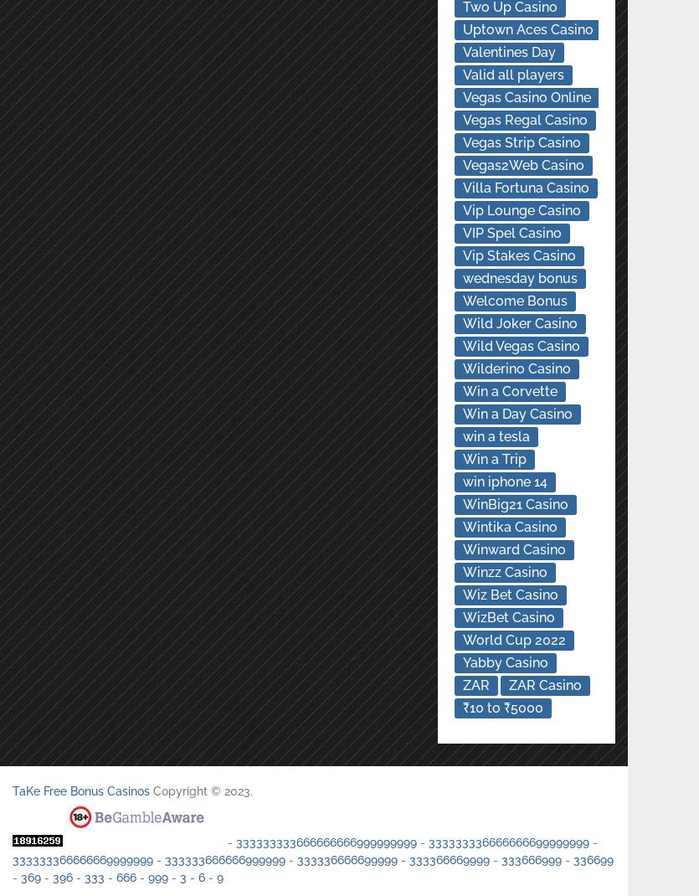 This screenshot has height=896, width=699. I want to click on 'Wiz Bet Casino', so click(508, 595).